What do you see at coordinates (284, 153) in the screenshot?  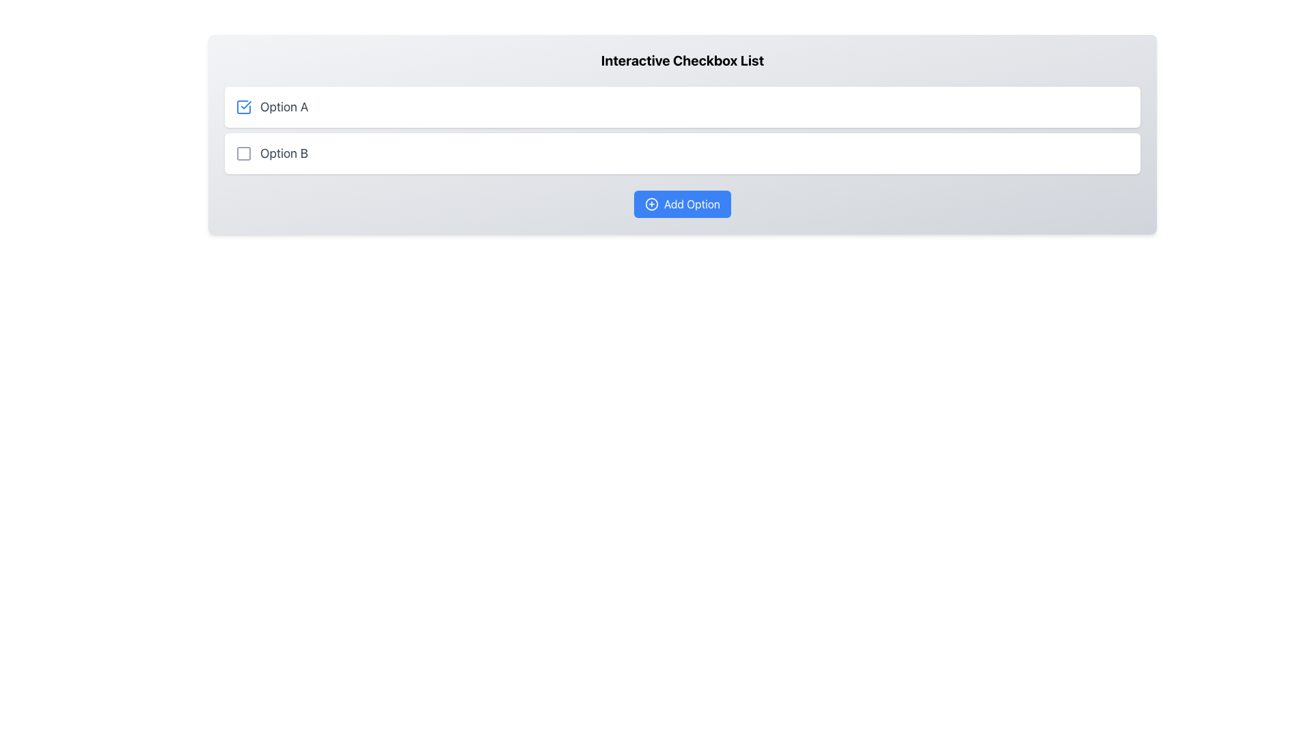 I see `the text label next to the checkbox in the second row of the 'Interactive Checkbox List' to emphasize selection` at bounding box center [284, 153].